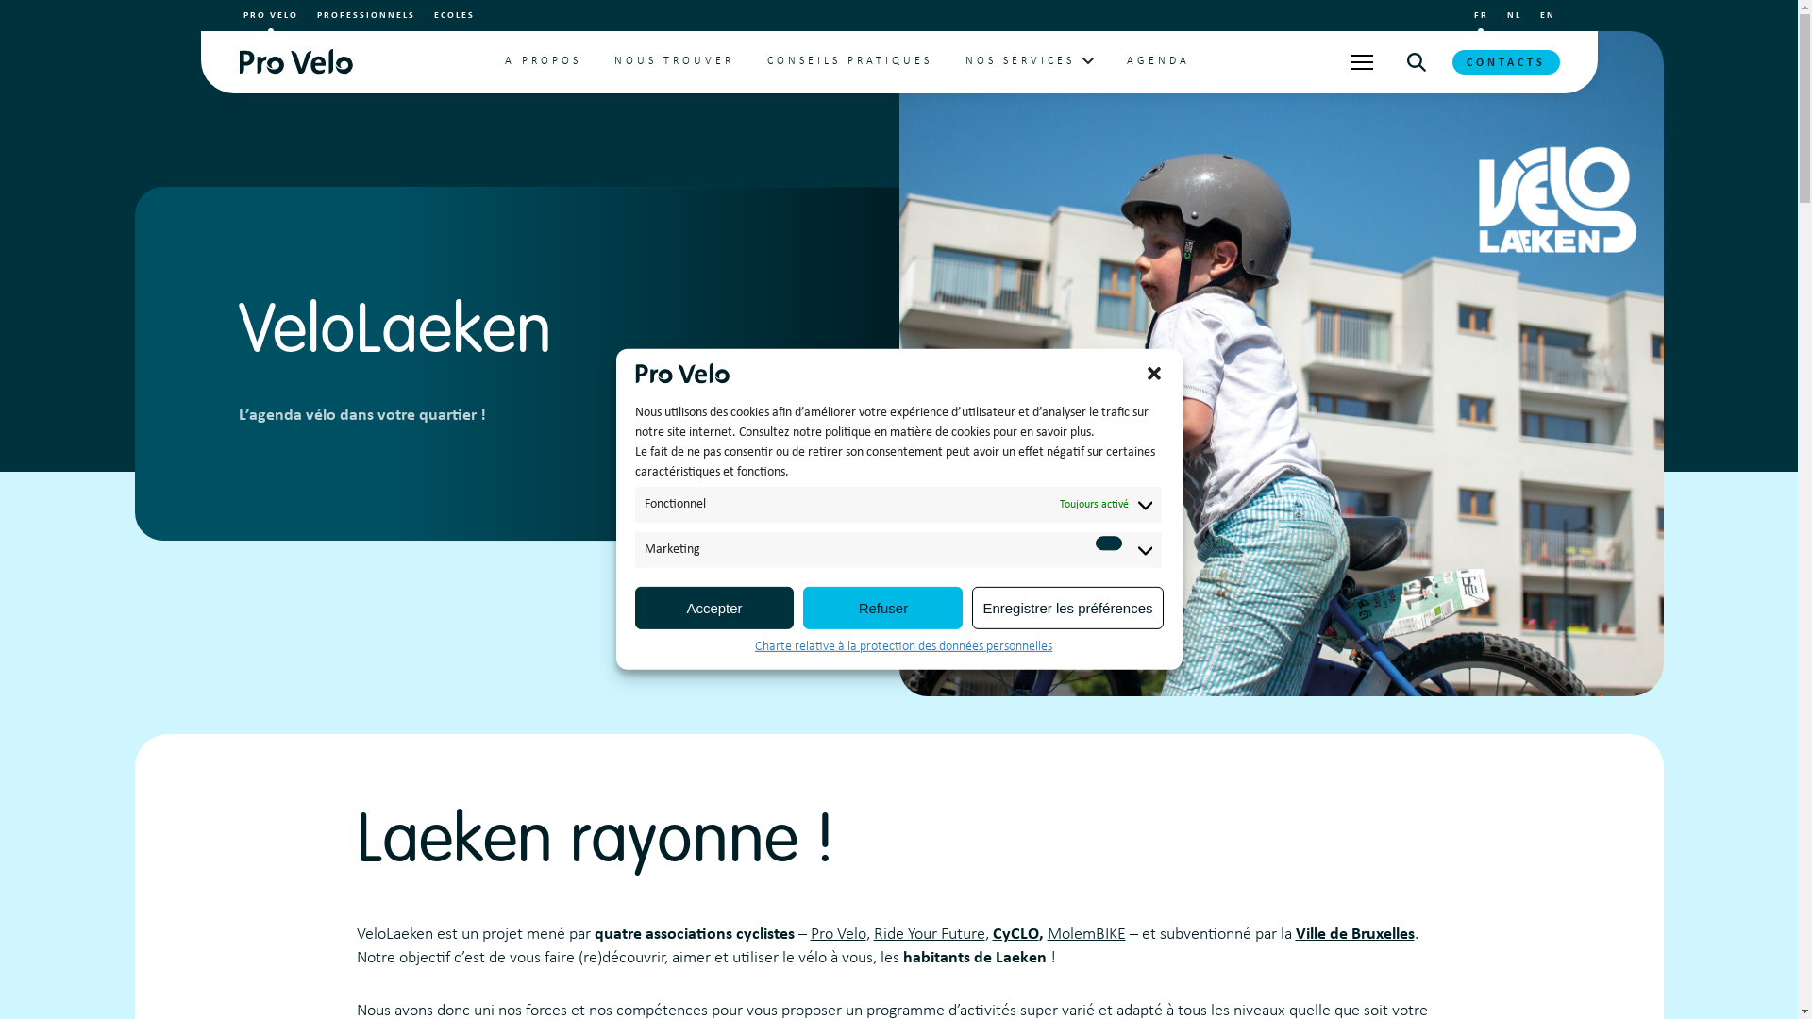 Image resolution: width=1812 pixels, height=1019 pixels. I want to click on 'NOUS TROUVER', so click(674, 60).